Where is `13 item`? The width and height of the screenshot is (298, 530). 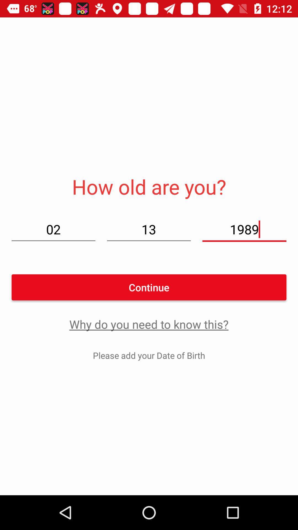
13 item is located at coordinates (148, 229).